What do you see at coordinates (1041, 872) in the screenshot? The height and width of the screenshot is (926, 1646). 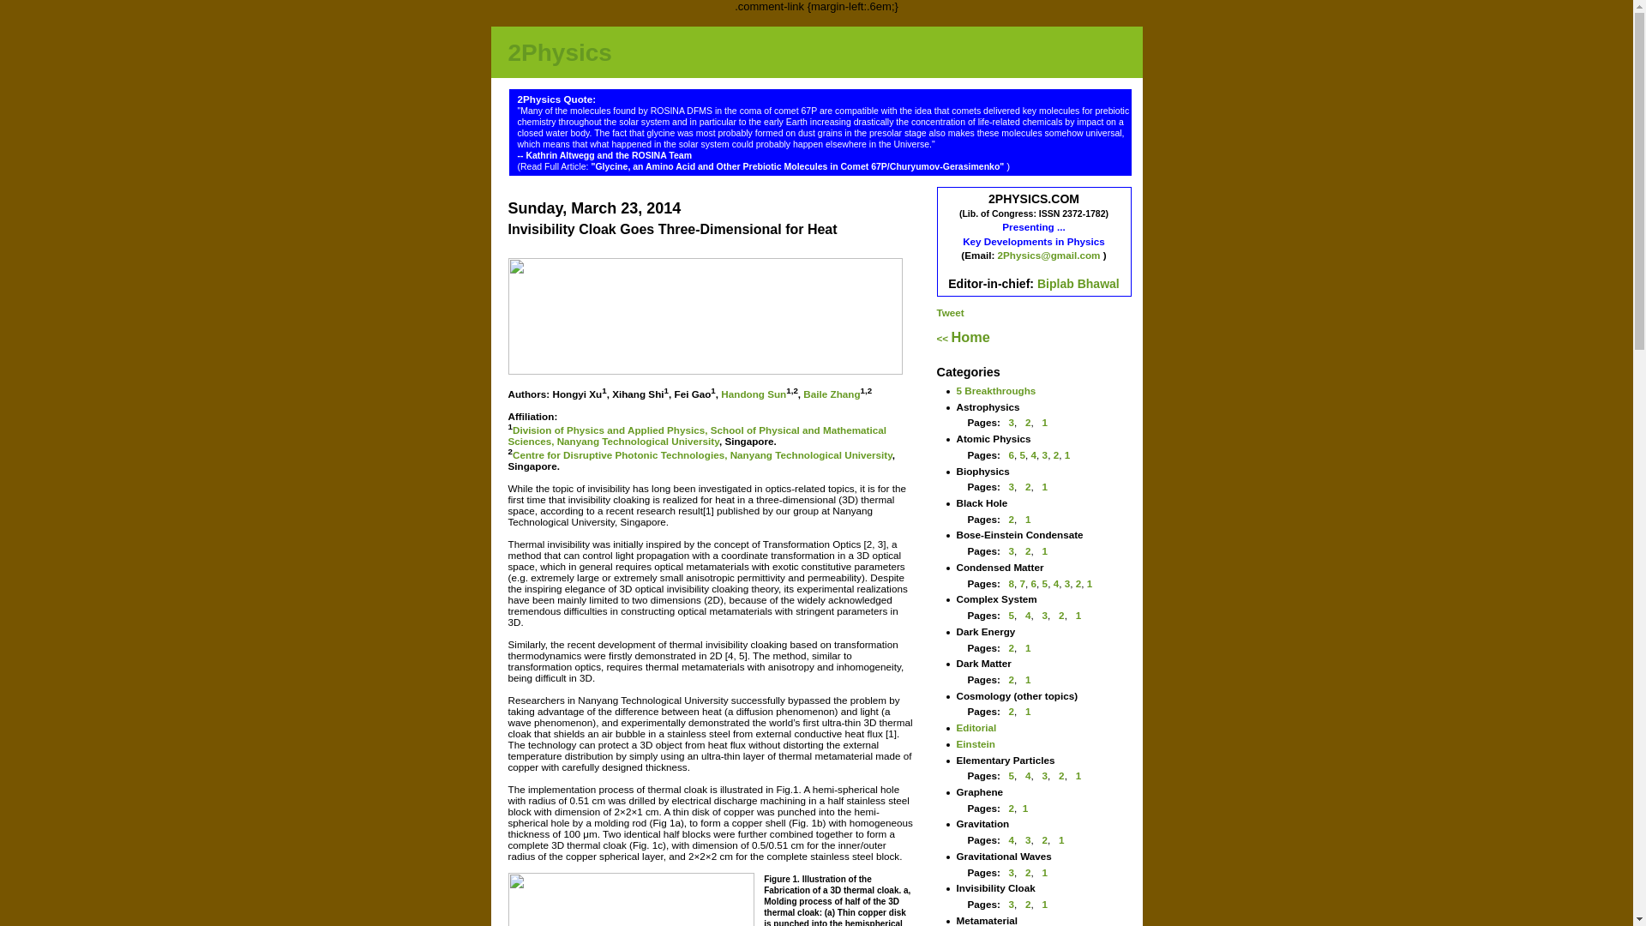 I see `'1'` at bounding box center [1041, 872].